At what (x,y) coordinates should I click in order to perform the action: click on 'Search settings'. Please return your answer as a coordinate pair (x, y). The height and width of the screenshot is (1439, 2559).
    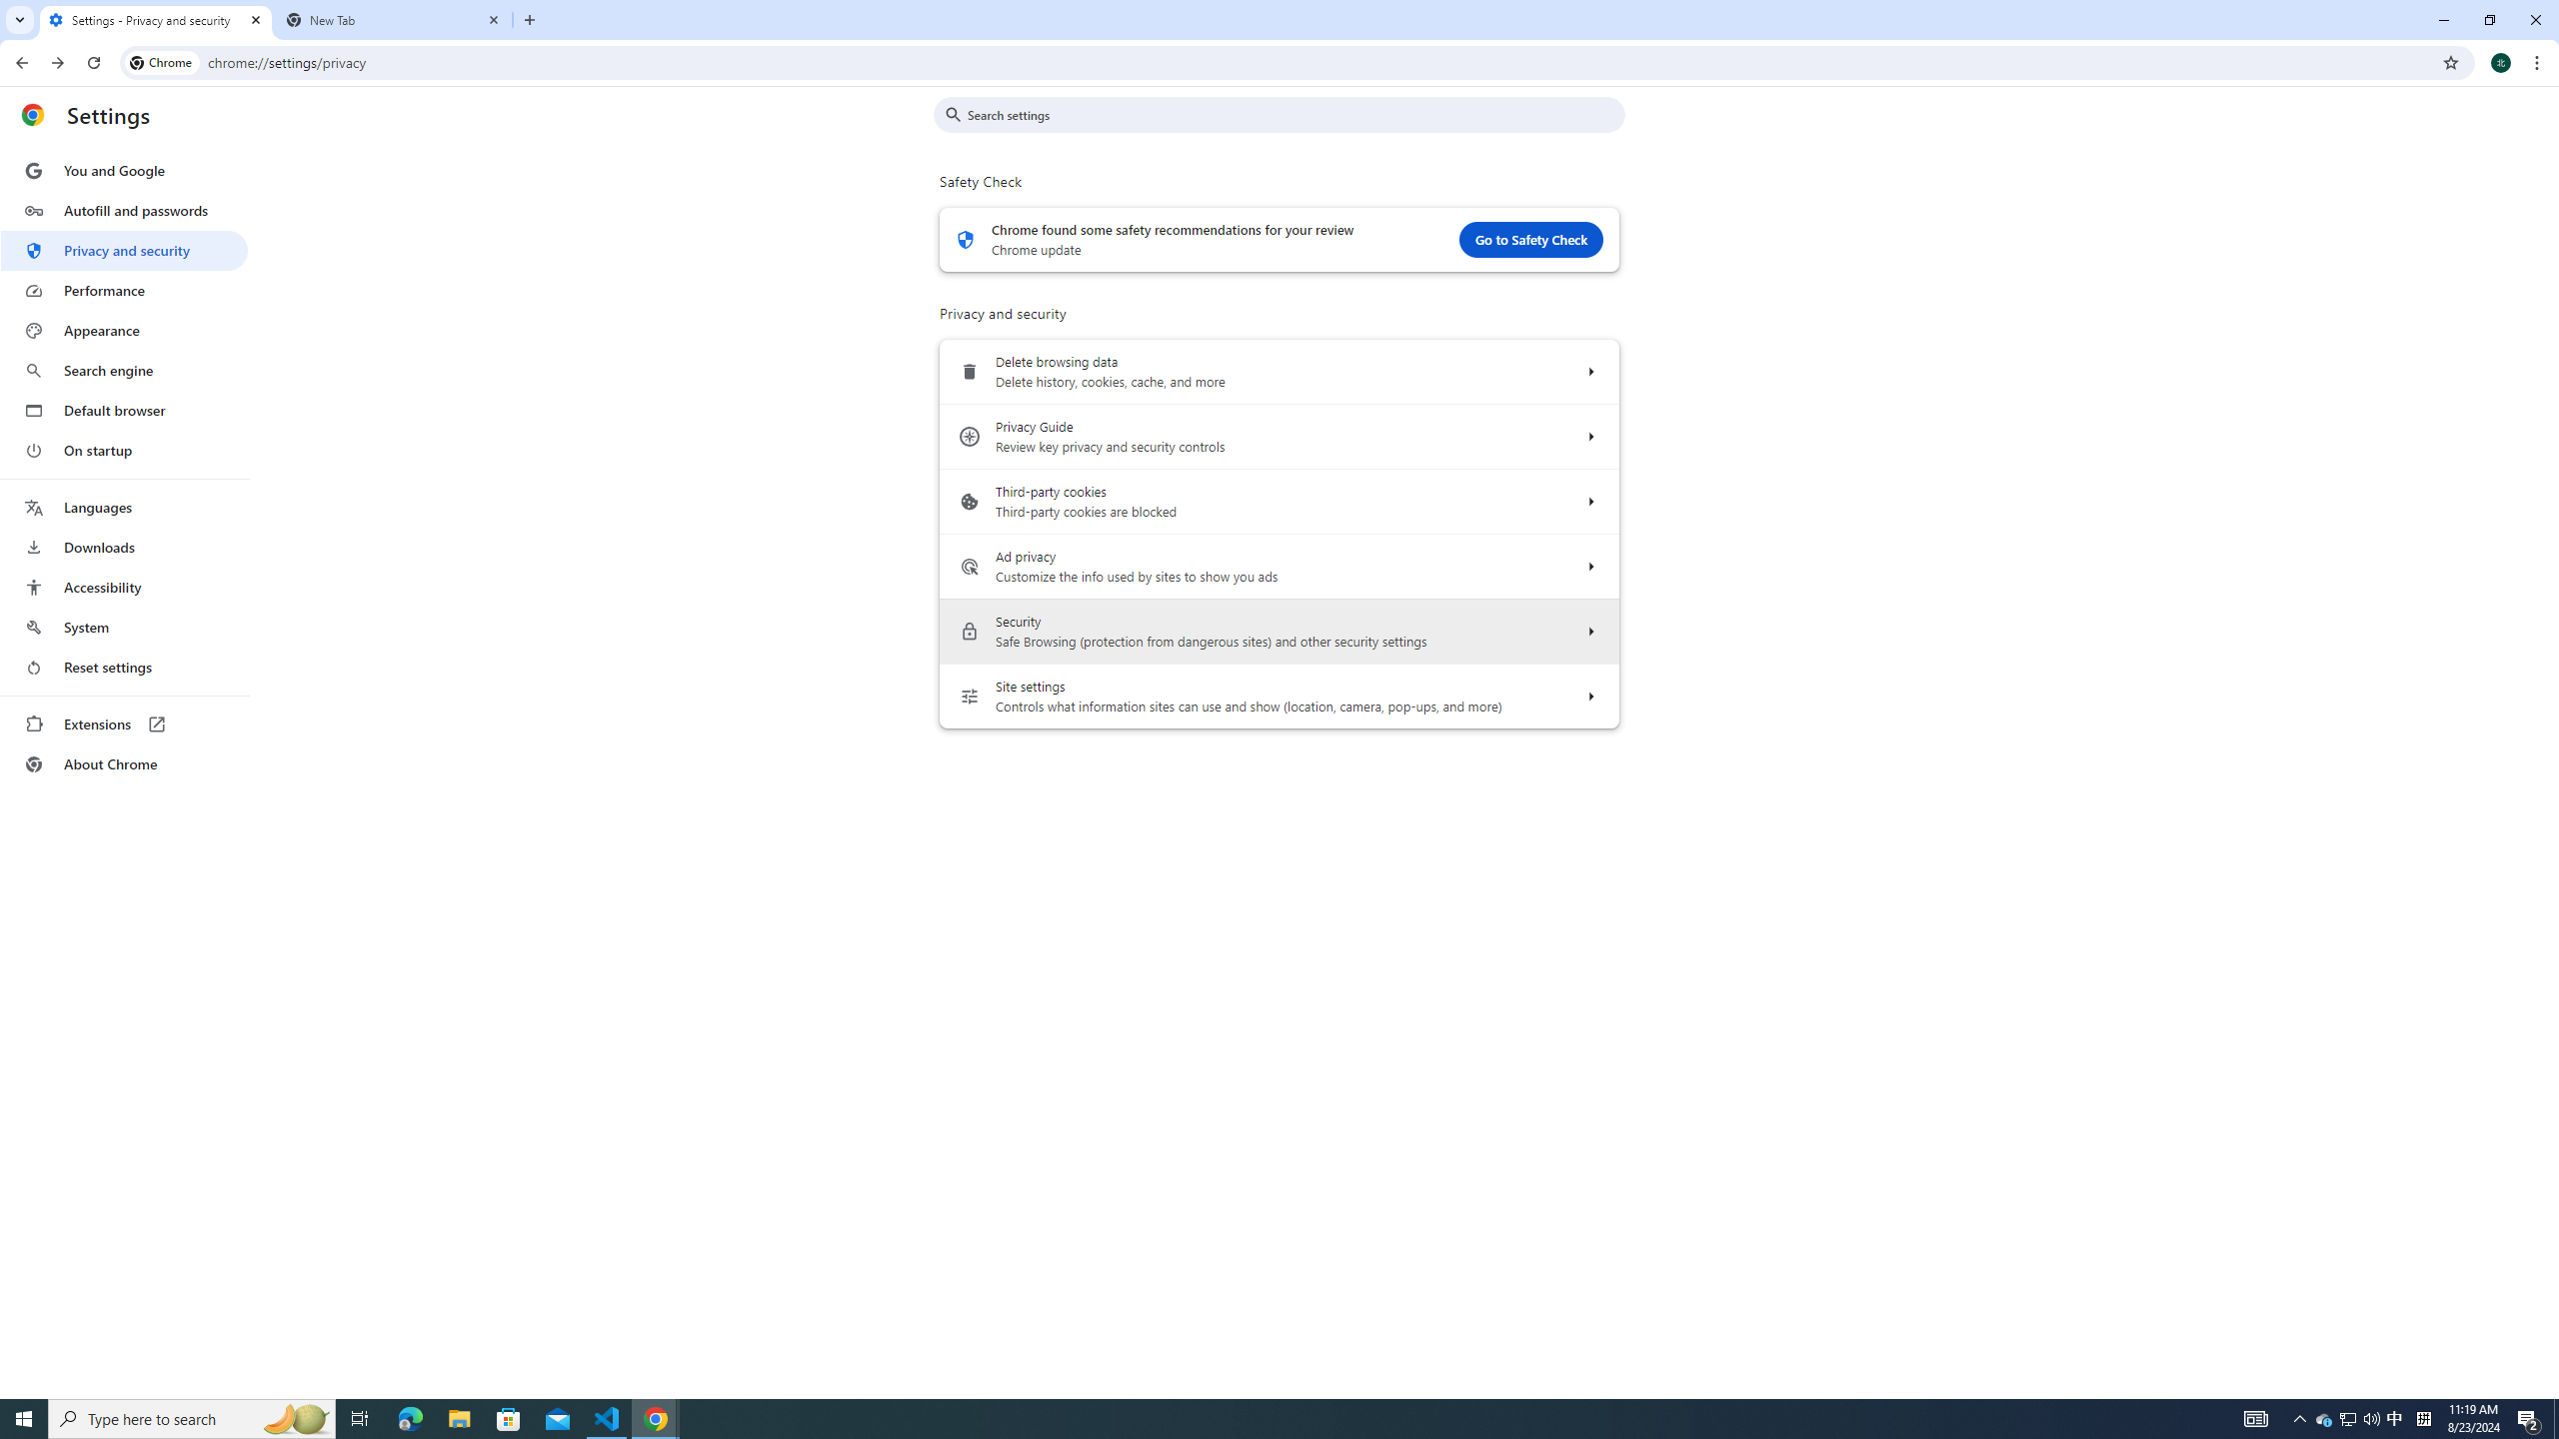
    Looking at the image, I should click on (1292, 114).